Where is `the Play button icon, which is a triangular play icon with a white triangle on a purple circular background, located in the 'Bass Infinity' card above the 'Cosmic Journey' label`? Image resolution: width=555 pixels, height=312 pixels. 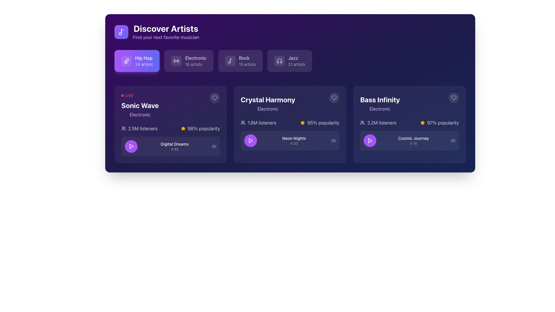
the Play button icon, which is a triangular play icon with a white triangle on a purple circular background, located in the 'Bass Infinity' card above the 'Cosmic Journey' label is located at coordinates (370, 140).